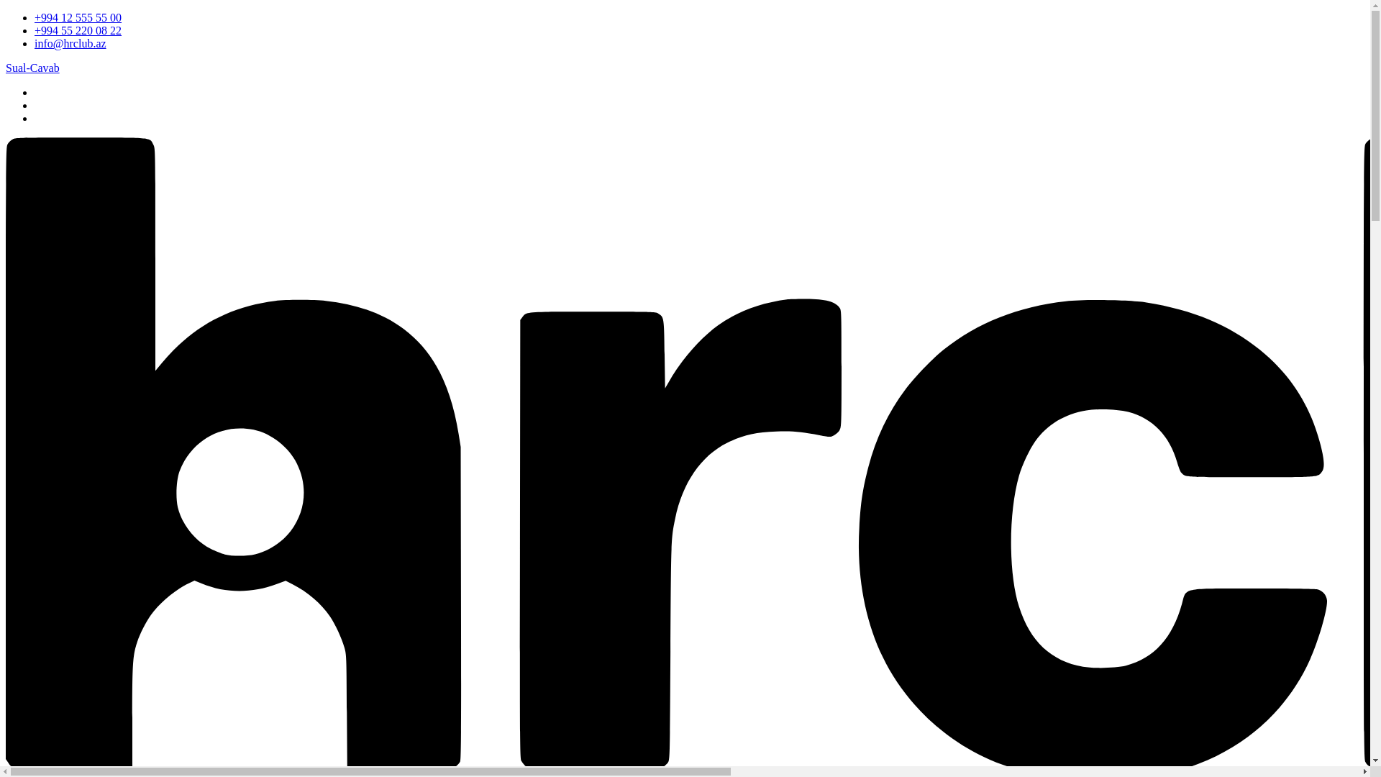 The image size is (1381, 777). I want to click on '+994 12 555 55 00', so click(77, 17).